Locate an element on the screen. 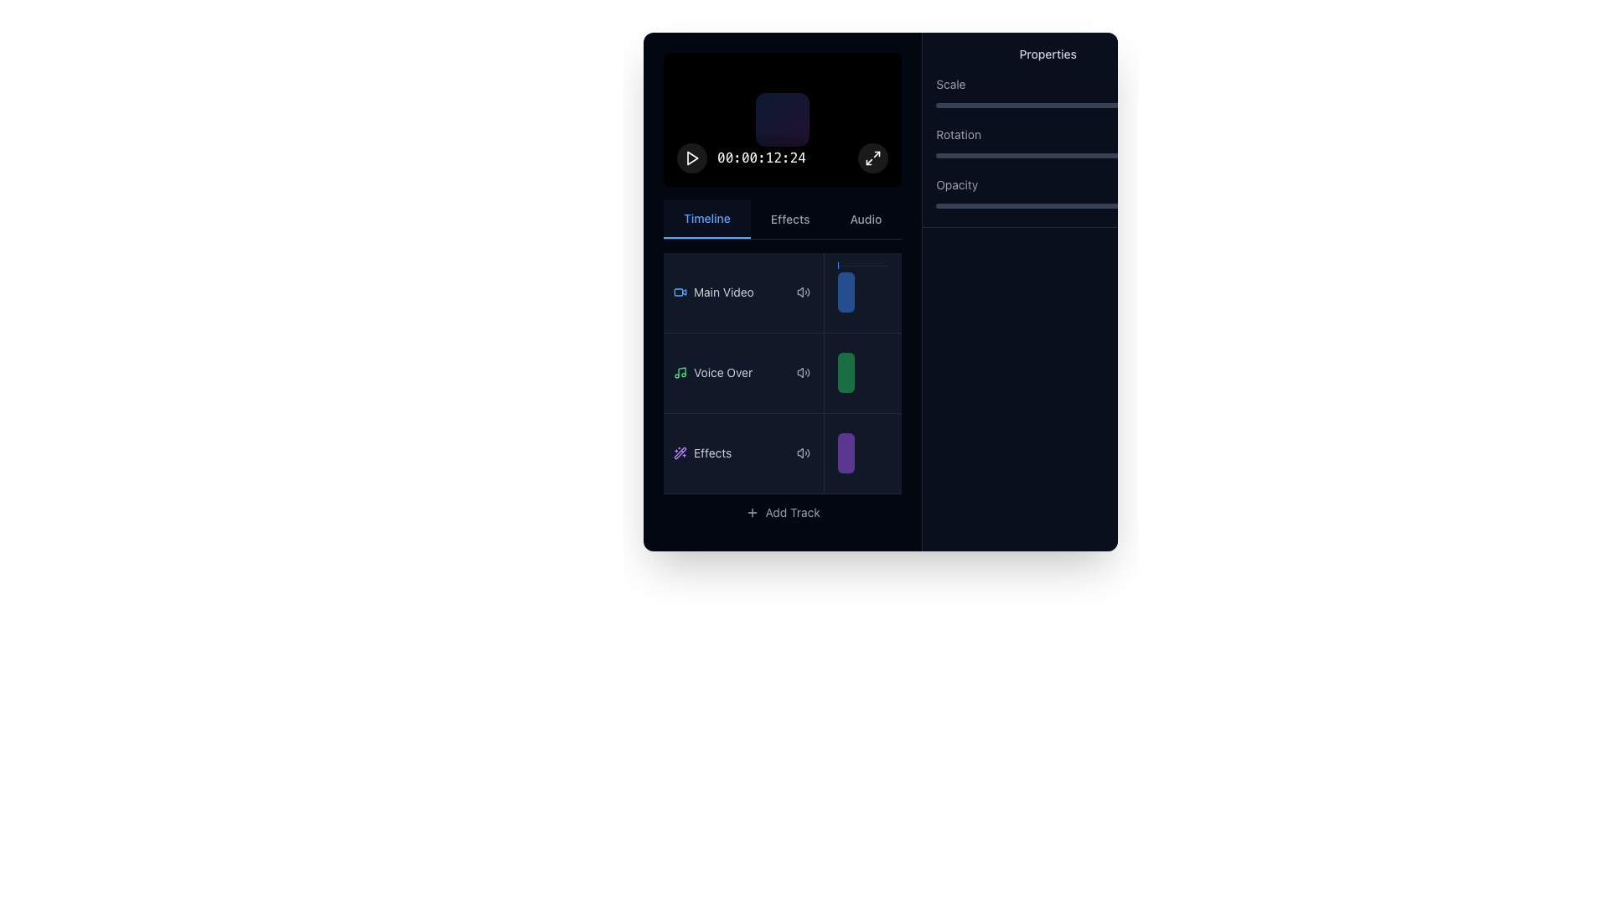  the sound indicator icon located in the 'Voice Over' row of the timeline section, which is the second icon from the left is located at coordinates (803, 371).